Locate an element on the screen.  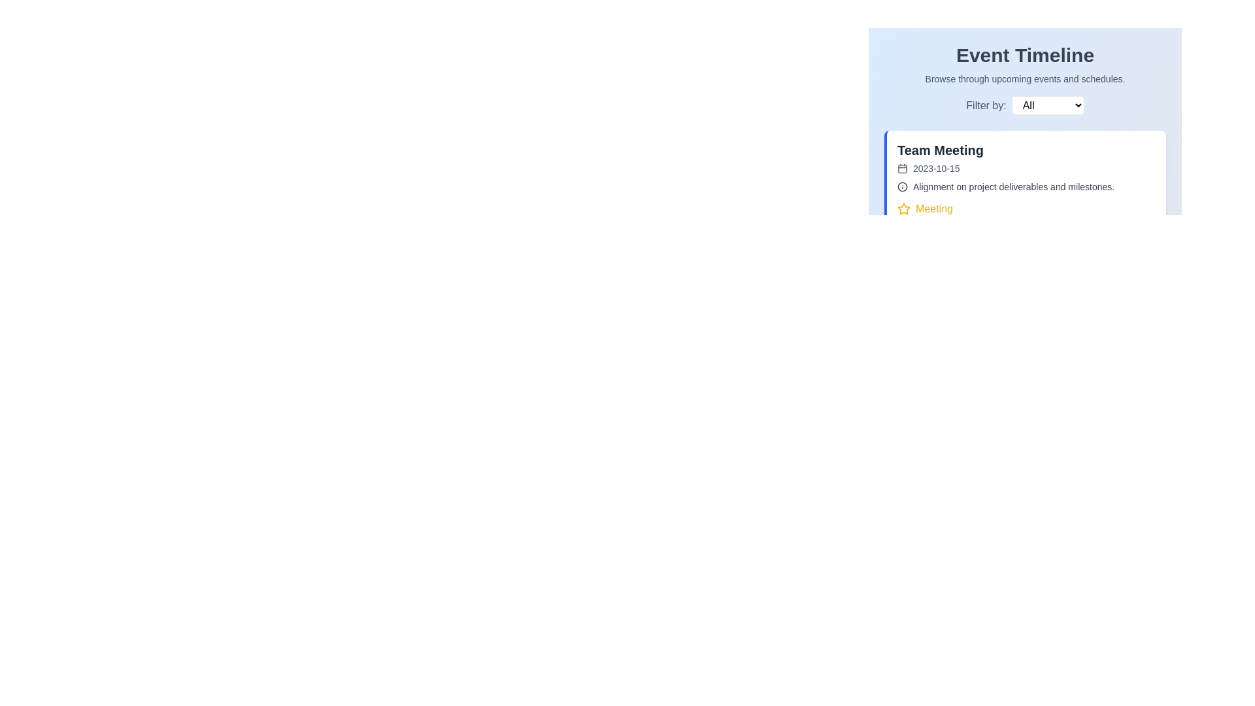
date displayed as '2023-10-15' in gray font under the heading 'Team Meeting', which is aligned with a calendar icon to its left is located at coordinates (939, 168).